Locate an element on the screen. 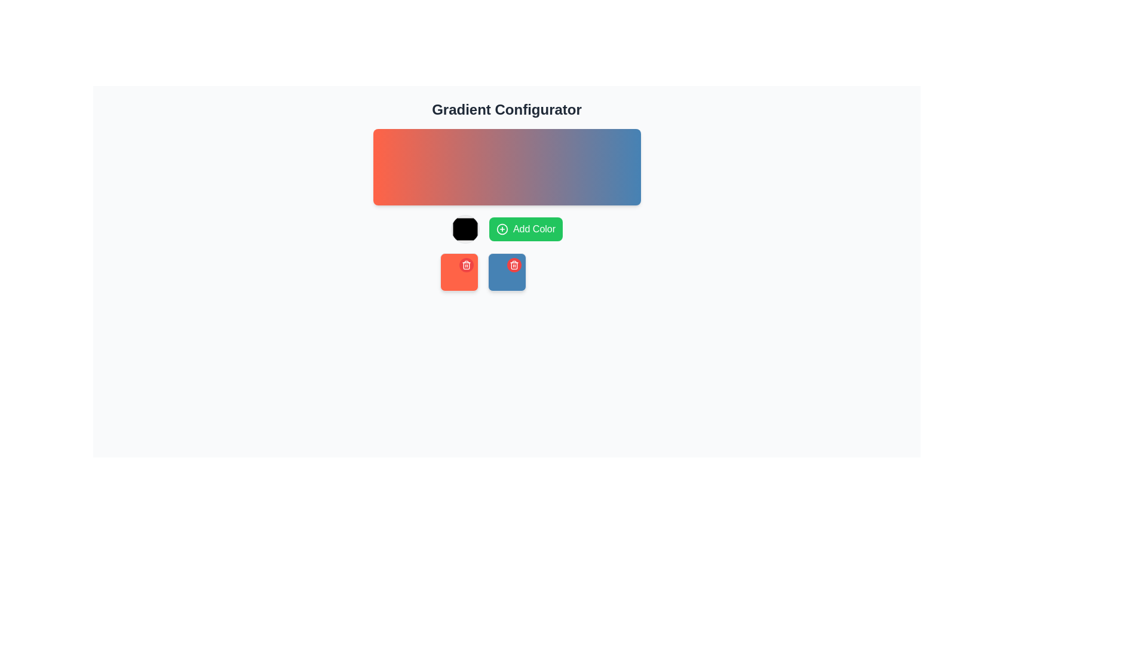 The width and height of the screenshot is (1147, 645). the green rectangular 'Add Color' button with rounded corners is located at coordinates (507, 229).